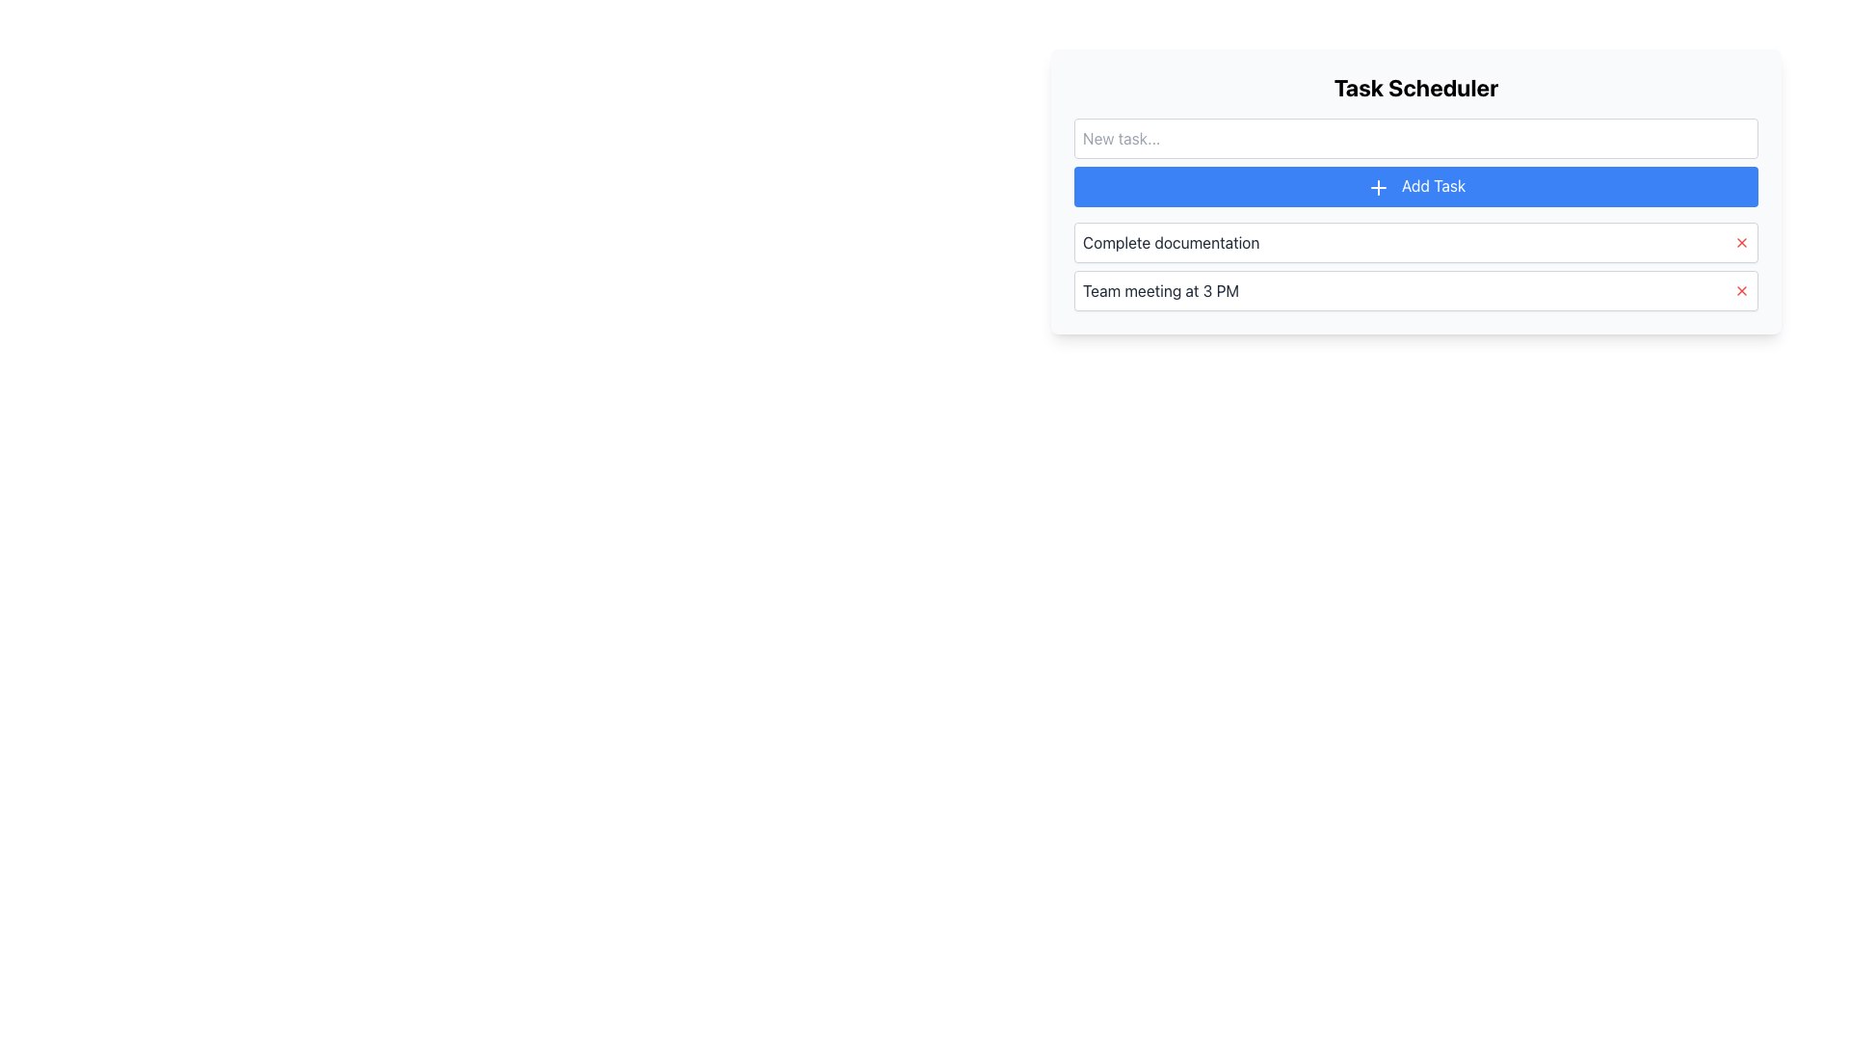 This screenshot has width=1850, height=1041. Describe the element at coordinates (1415, 185) in the screenshot. I see `the blue 'Add Task' button with rounded edges` at that location.